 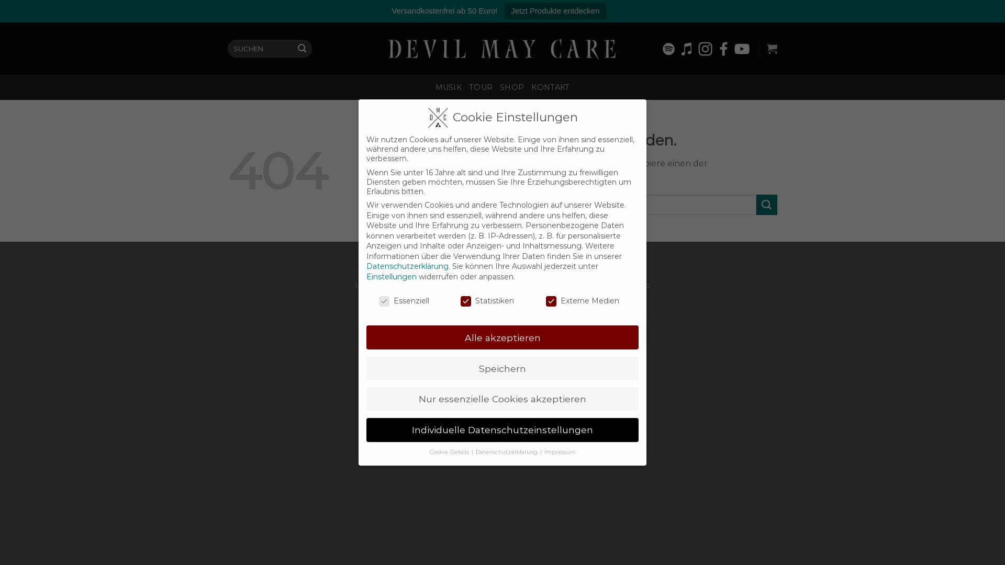 I want to click on 'Individuelle Datenschutzeinstellungen', so click(x=502, y=430).